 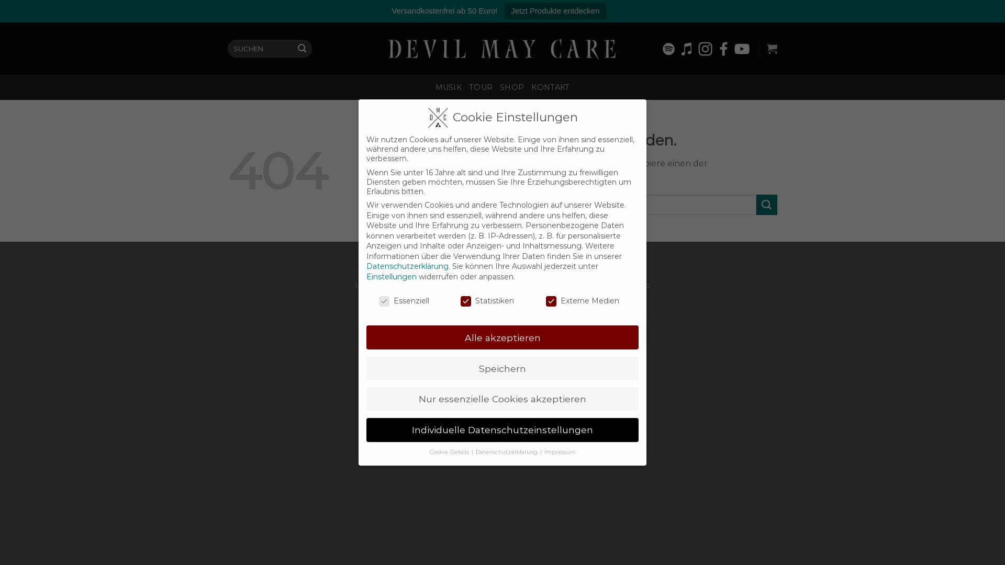 I want to click on 'Individuelle Datenschutzeinstellungen', so click(x=502, y=430).